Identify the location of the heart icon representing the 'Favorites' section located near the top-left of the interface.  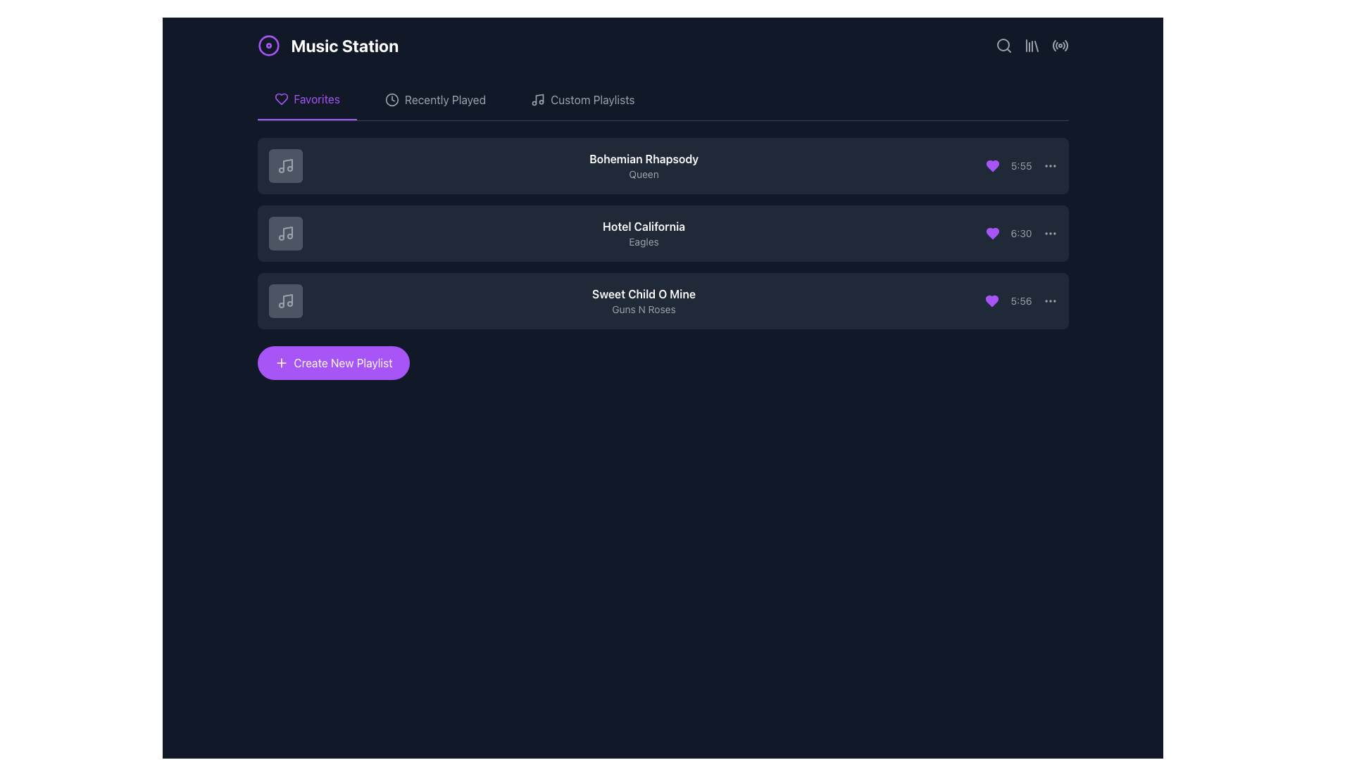
(281, 99).